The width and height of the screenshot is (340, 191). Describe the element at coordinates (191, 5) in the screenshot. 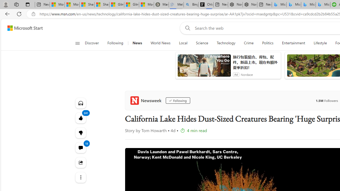

I see `'Bing Real Estate - Home sales and rental listings'` at that location.